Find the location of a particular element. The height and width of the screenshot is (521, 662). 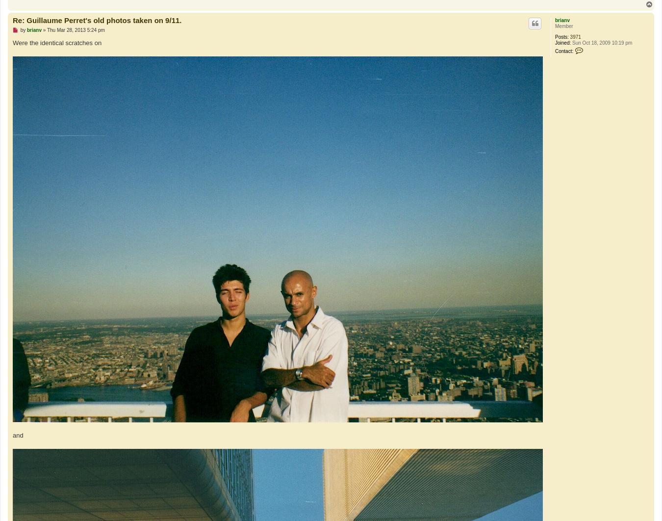

'Contact:' is located at coordinates (554, 51).